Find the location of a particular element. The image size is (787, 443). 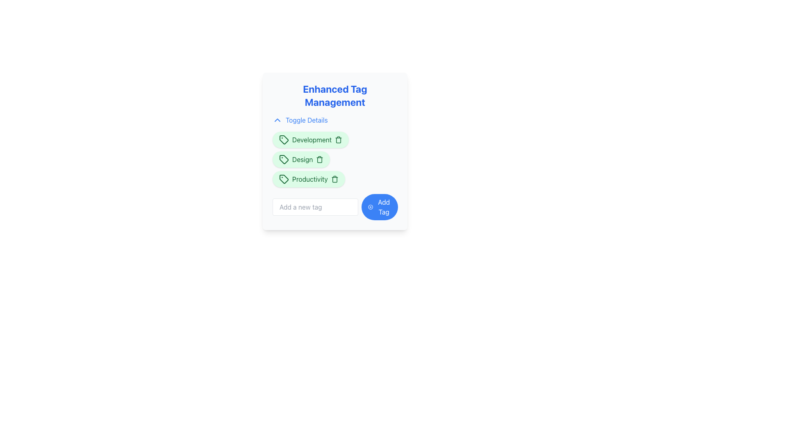

the delete button associated with the 'Design' tag, located at the rightmost position within the bubble is located at coordinates (319, 160).